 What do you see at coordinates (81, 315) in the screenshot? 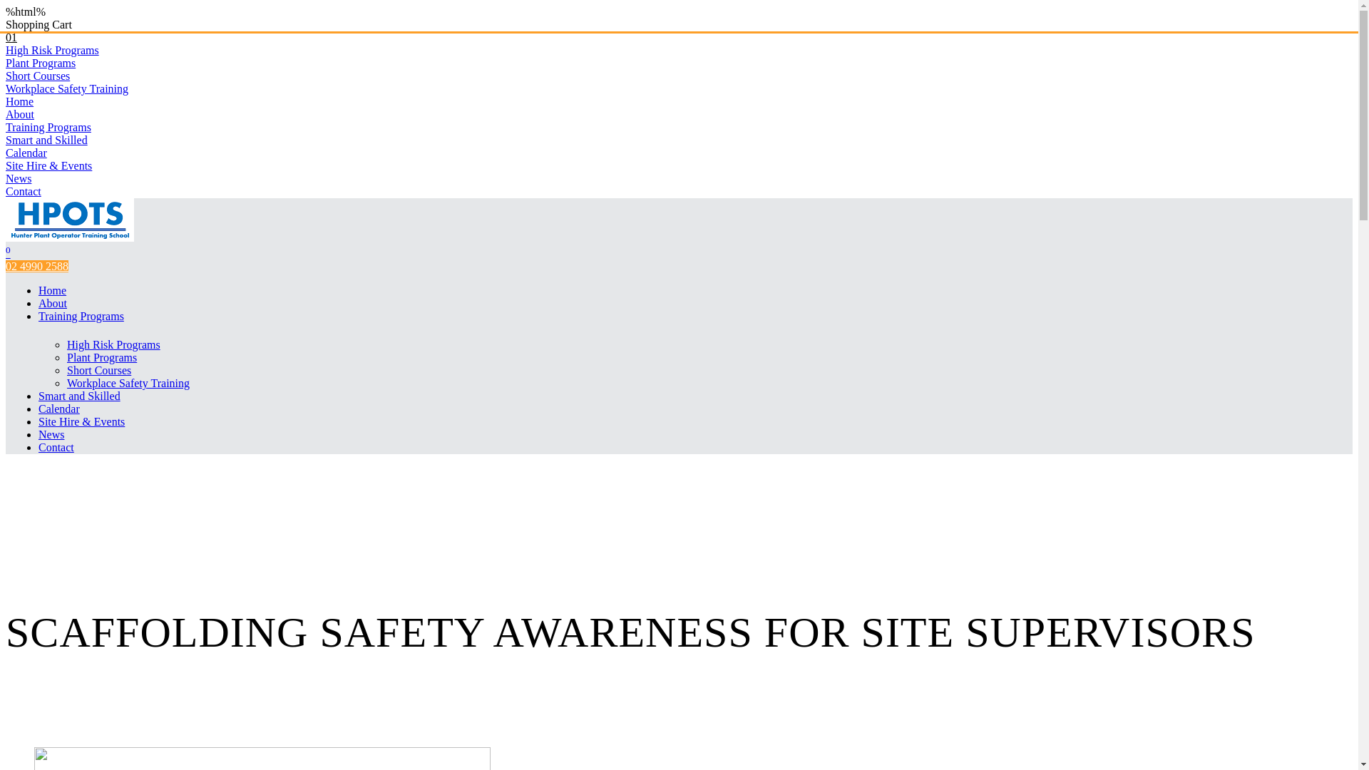
I see `'Training Programs'` at bounding box center [81, 315].